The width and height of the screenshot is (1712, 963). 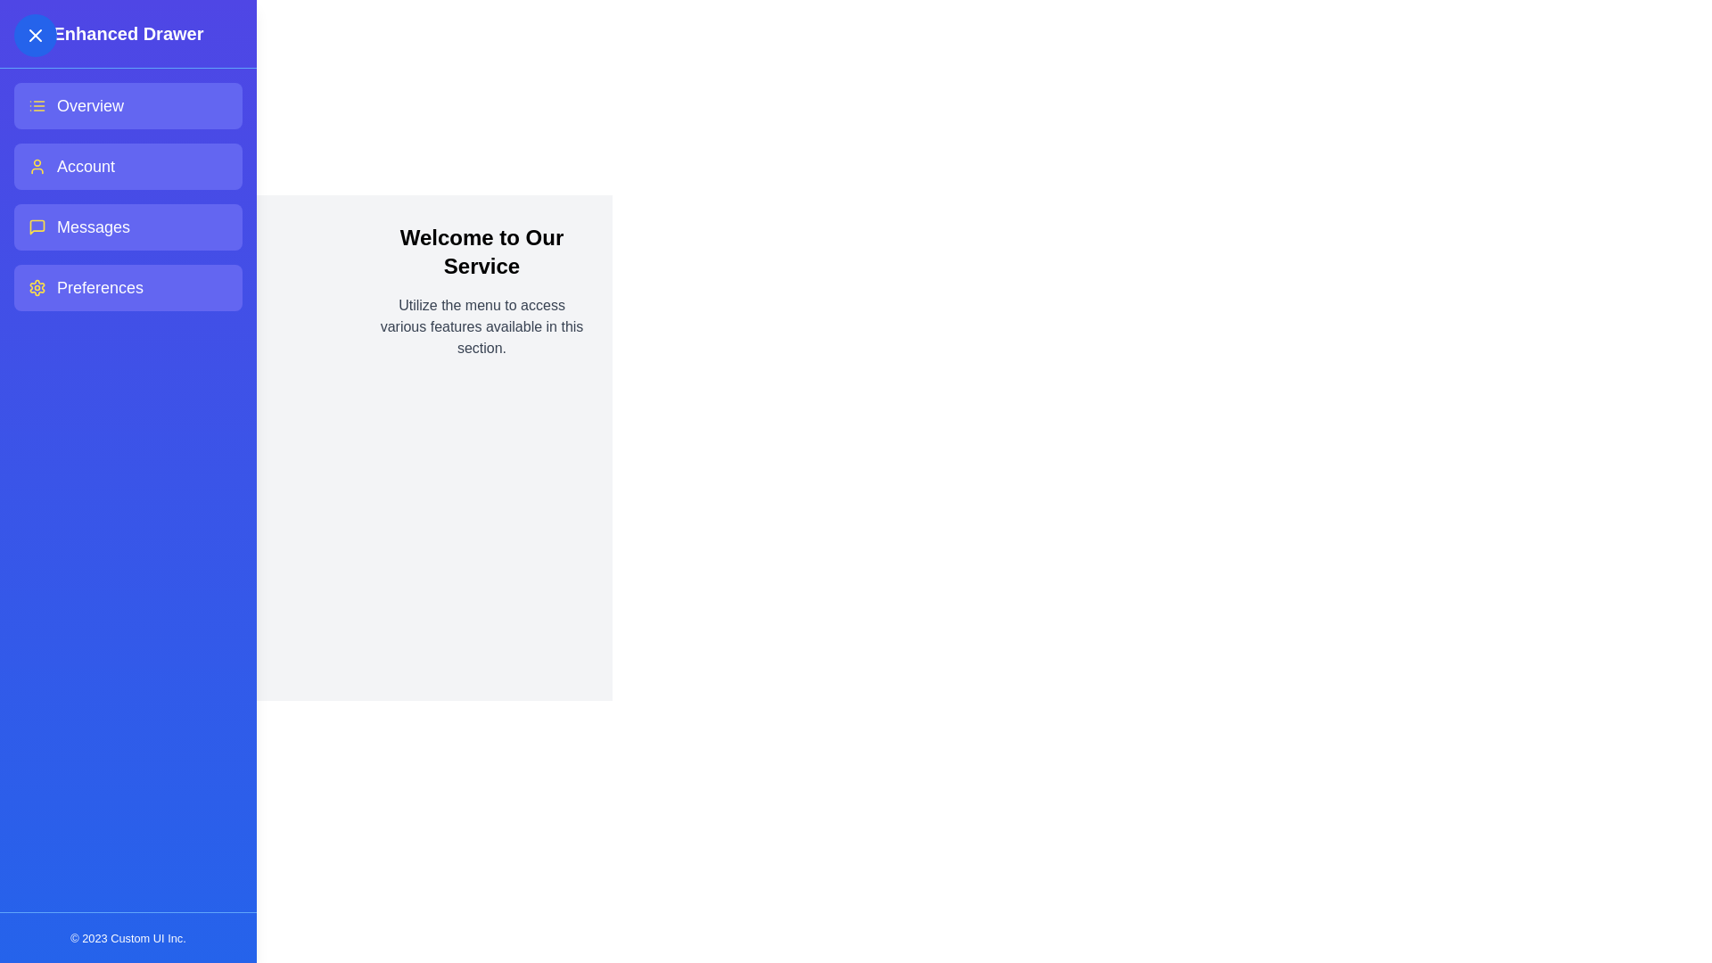 What do you see at coordinates (128, 166) in the screenshot?
I see `the 'Account' button, which is the second button in a vertical list of navigation buttons on the left sidebar` at bounding box center [128, 166].